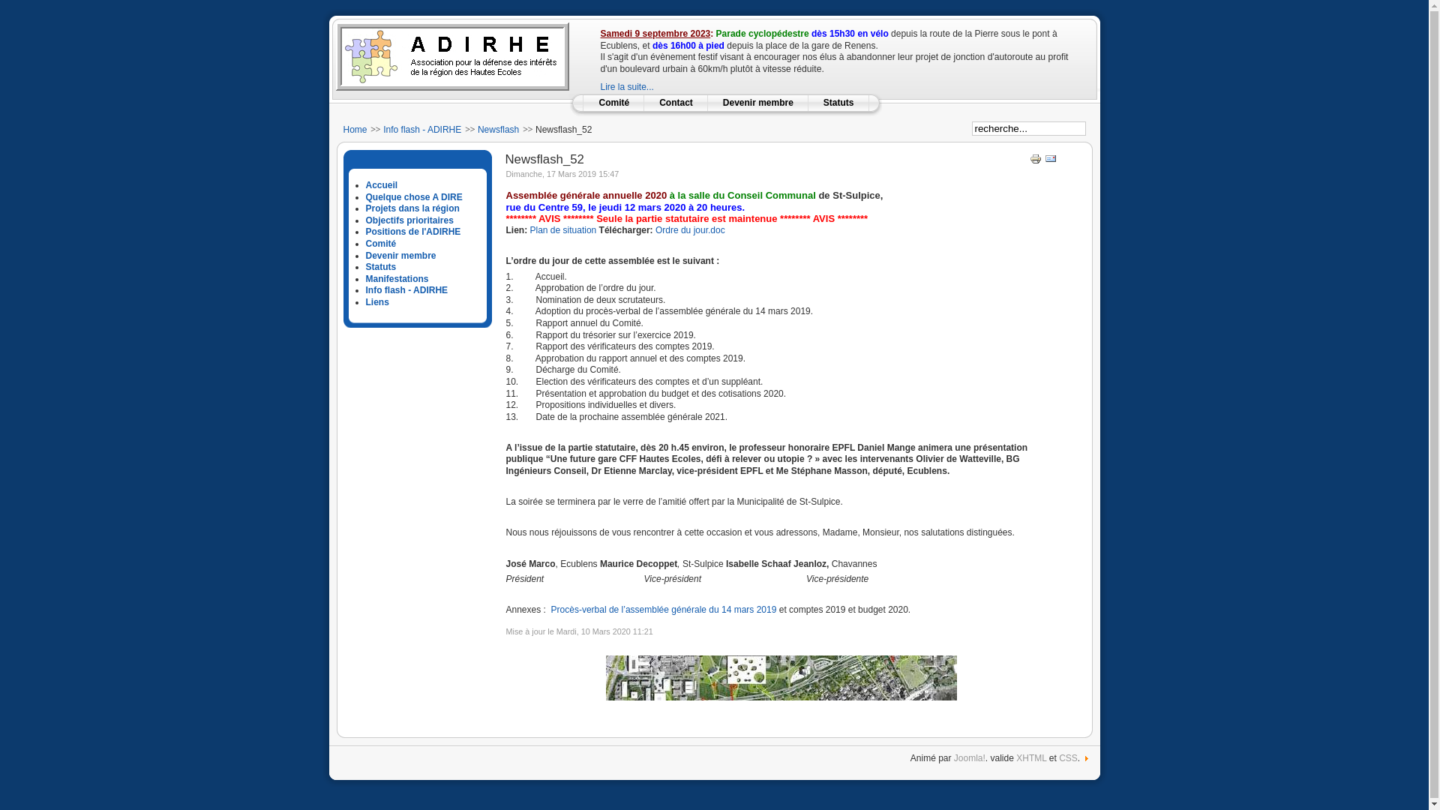 This screenshot has width=1440, height=810. Describe the element at coordinates (400, 254) in the screenshot. I see `'Devenir membre'` at that location.